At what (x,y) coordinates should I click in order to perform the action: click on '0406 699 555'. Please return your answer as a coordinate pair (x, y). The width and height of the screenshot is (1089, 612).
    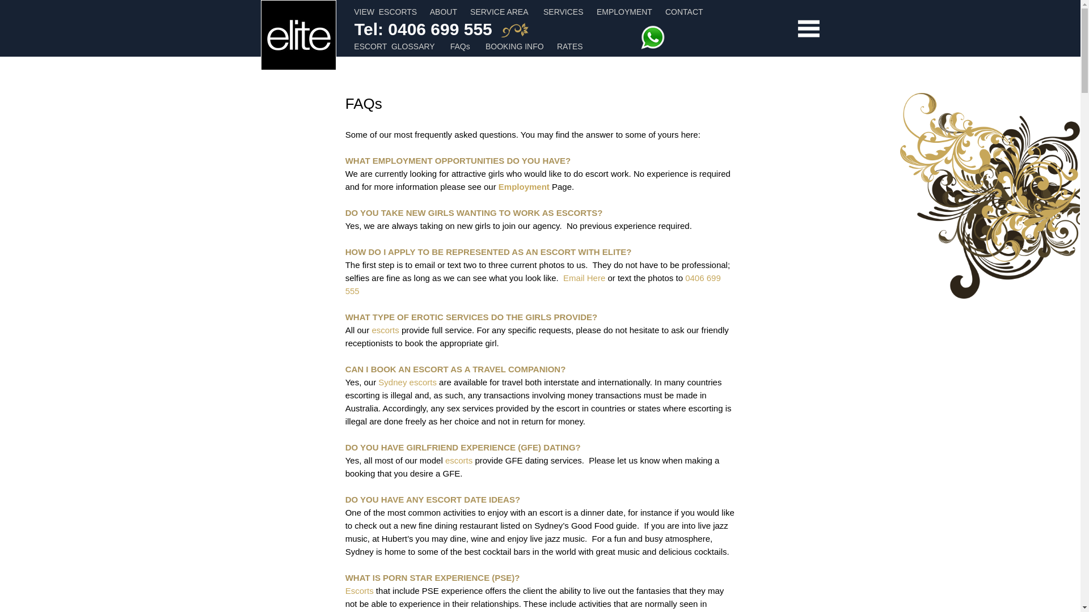
    Looking at the image, I should click on (533, 283).